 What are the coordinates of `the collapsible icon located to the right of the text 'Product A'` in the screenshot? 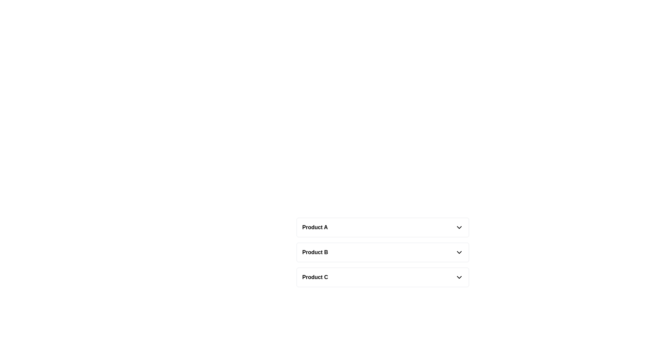 It's located at (459, 227).